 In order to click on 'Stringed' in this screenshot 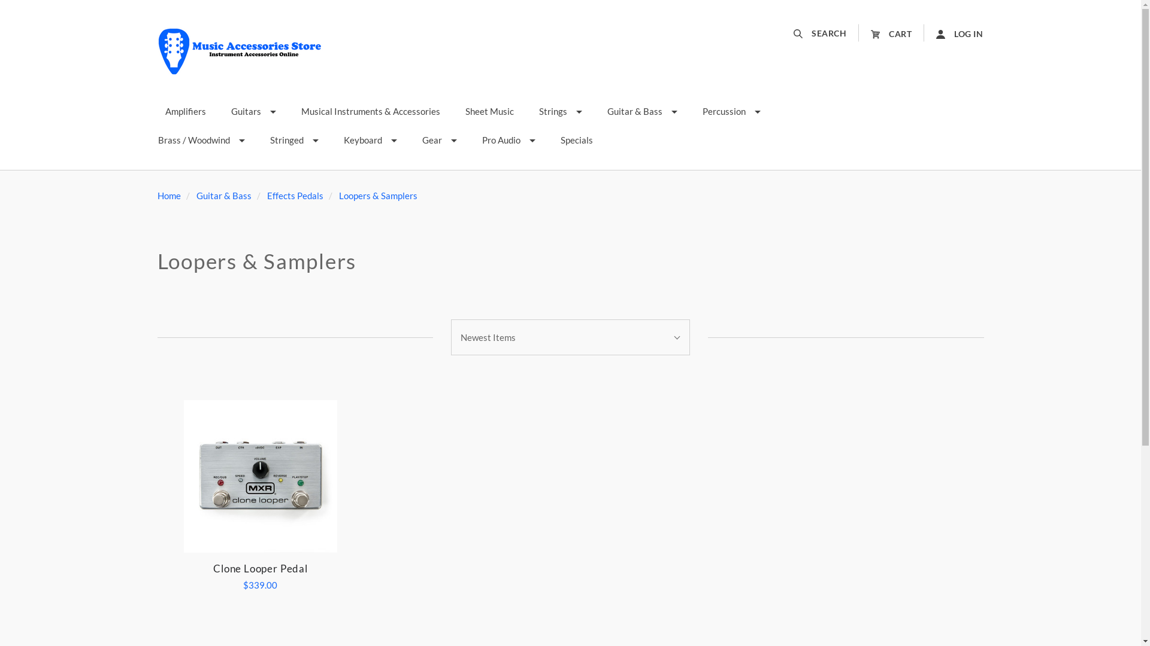, I will do `click(294, 140)`.